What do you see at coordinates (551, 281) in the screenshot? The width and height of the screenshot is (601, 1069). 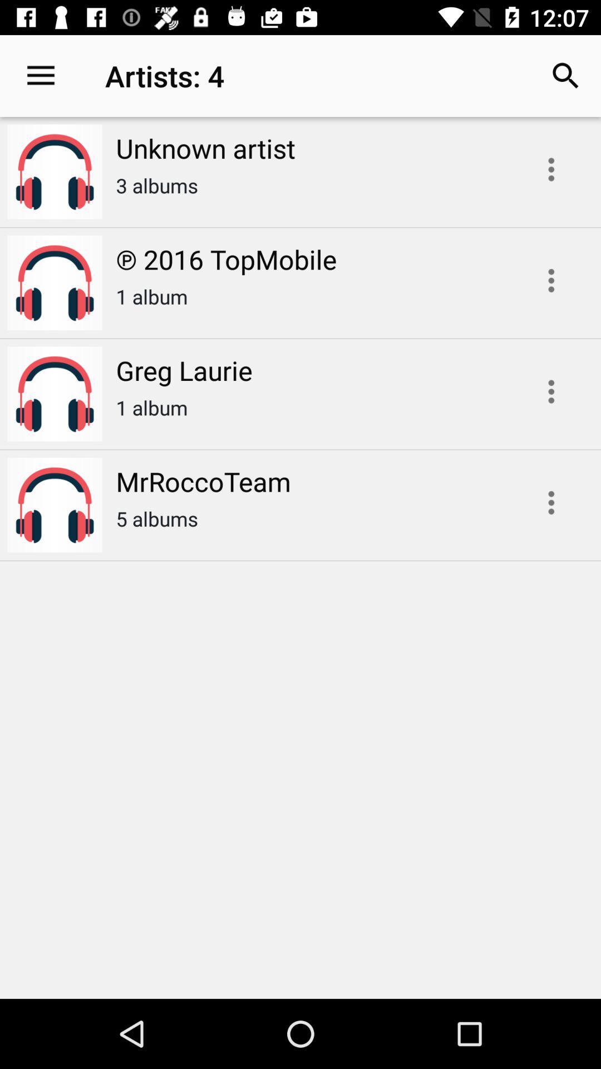 I see `more information` at bounding box center [551, 281].